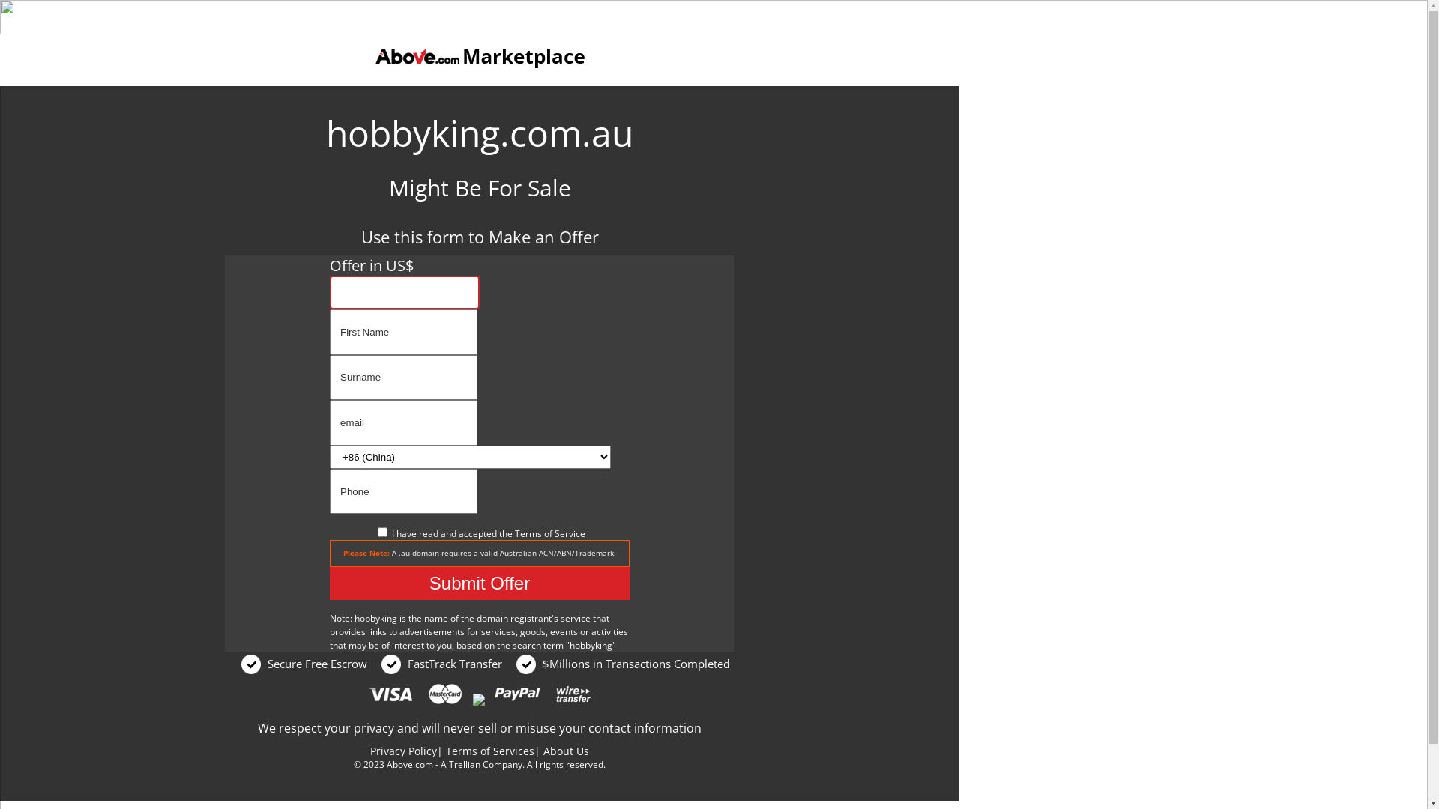  I want to click on 'Terms of Services', so click(445, 751).